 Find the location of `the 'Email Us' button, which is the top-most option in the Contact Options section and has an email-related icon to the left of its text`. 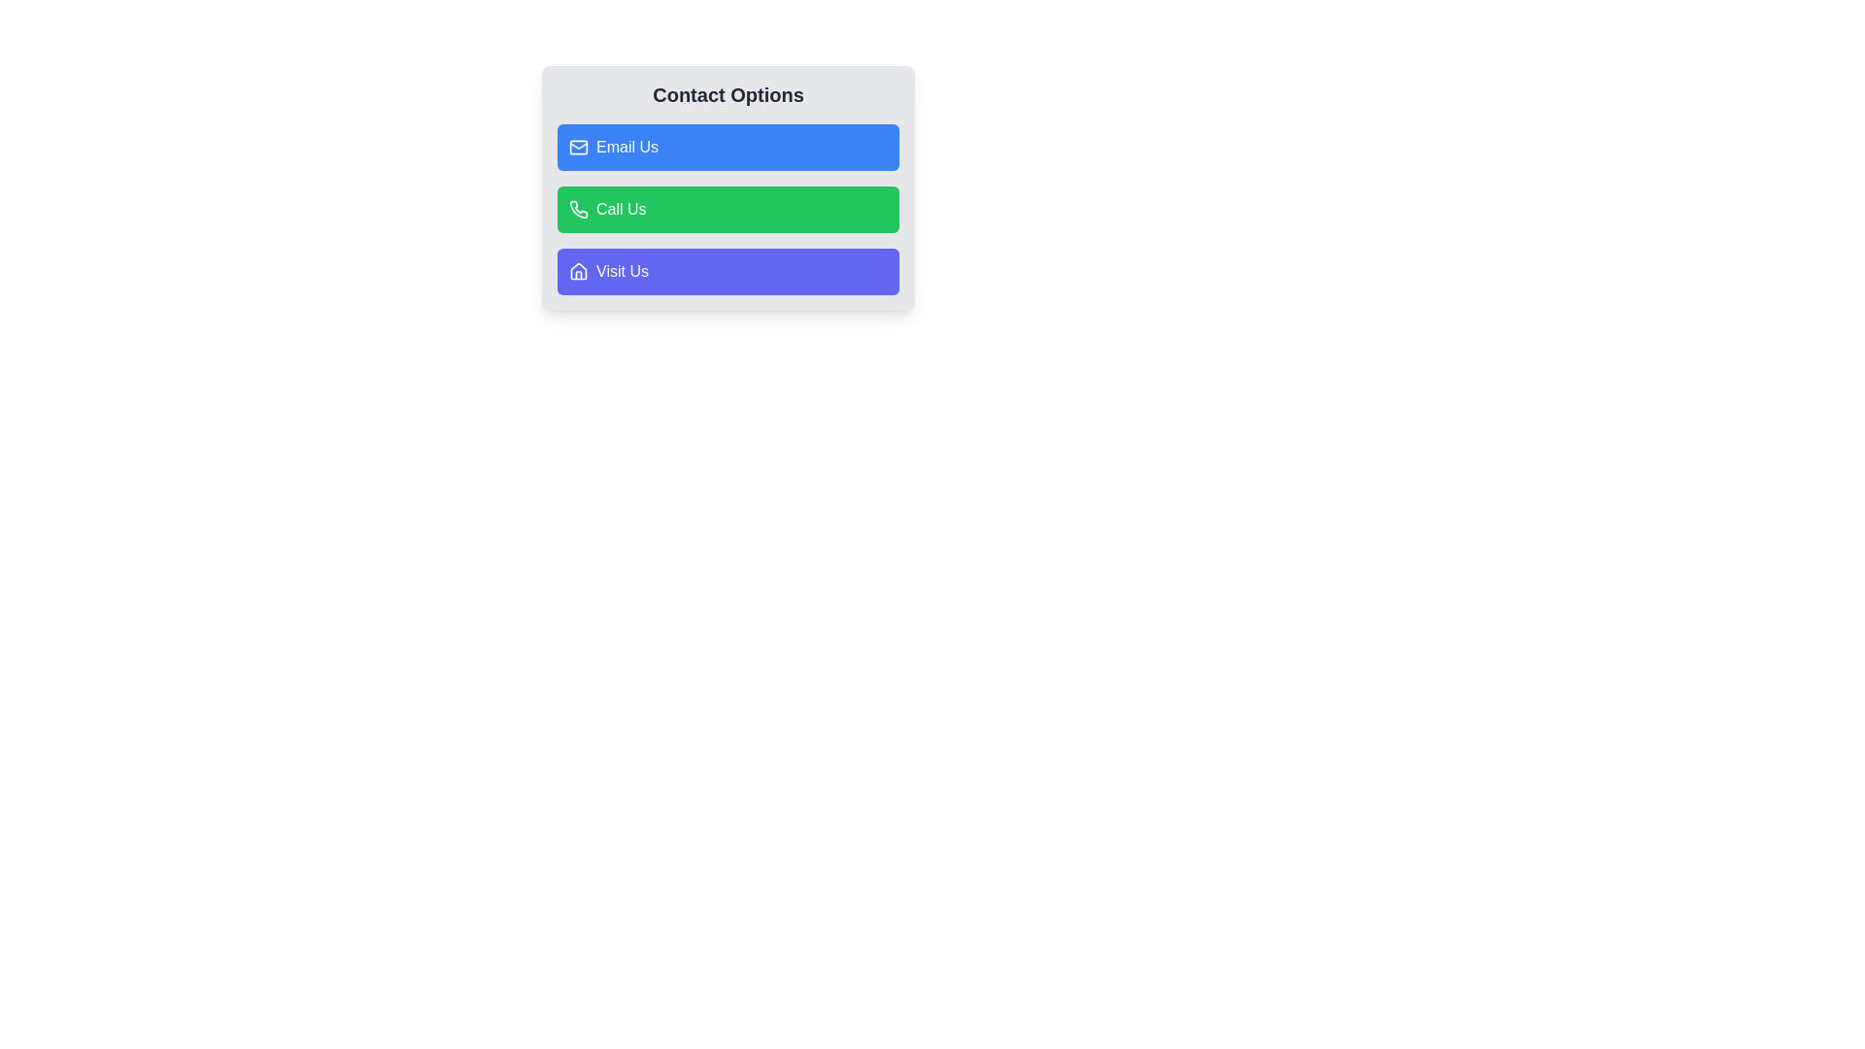

the 'Email Us' button, which is the top-most option in the Contact Options section and has an email-related icon to the left of its text is located at coordinates (577, 146).